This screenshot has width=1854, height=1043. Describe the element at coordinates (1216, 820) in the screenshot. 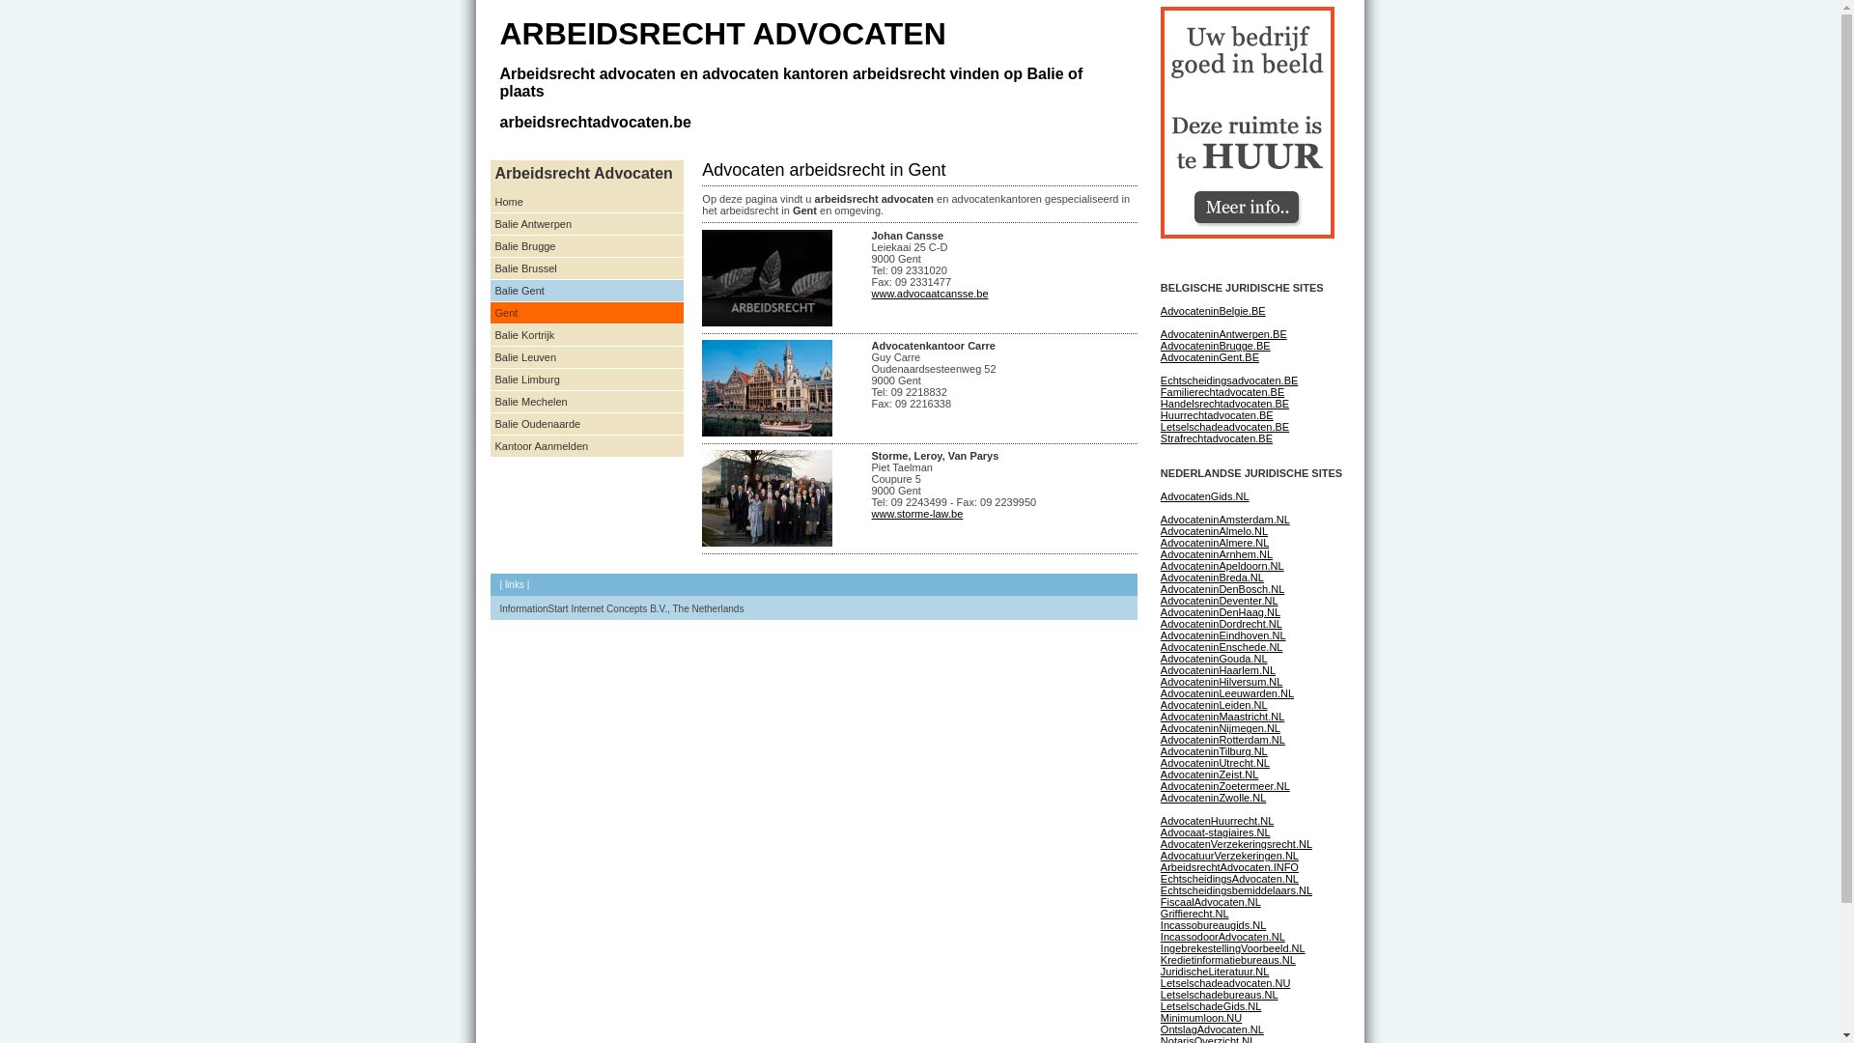

I see `'AdvocatenHuurrecht.NL'` at that location.